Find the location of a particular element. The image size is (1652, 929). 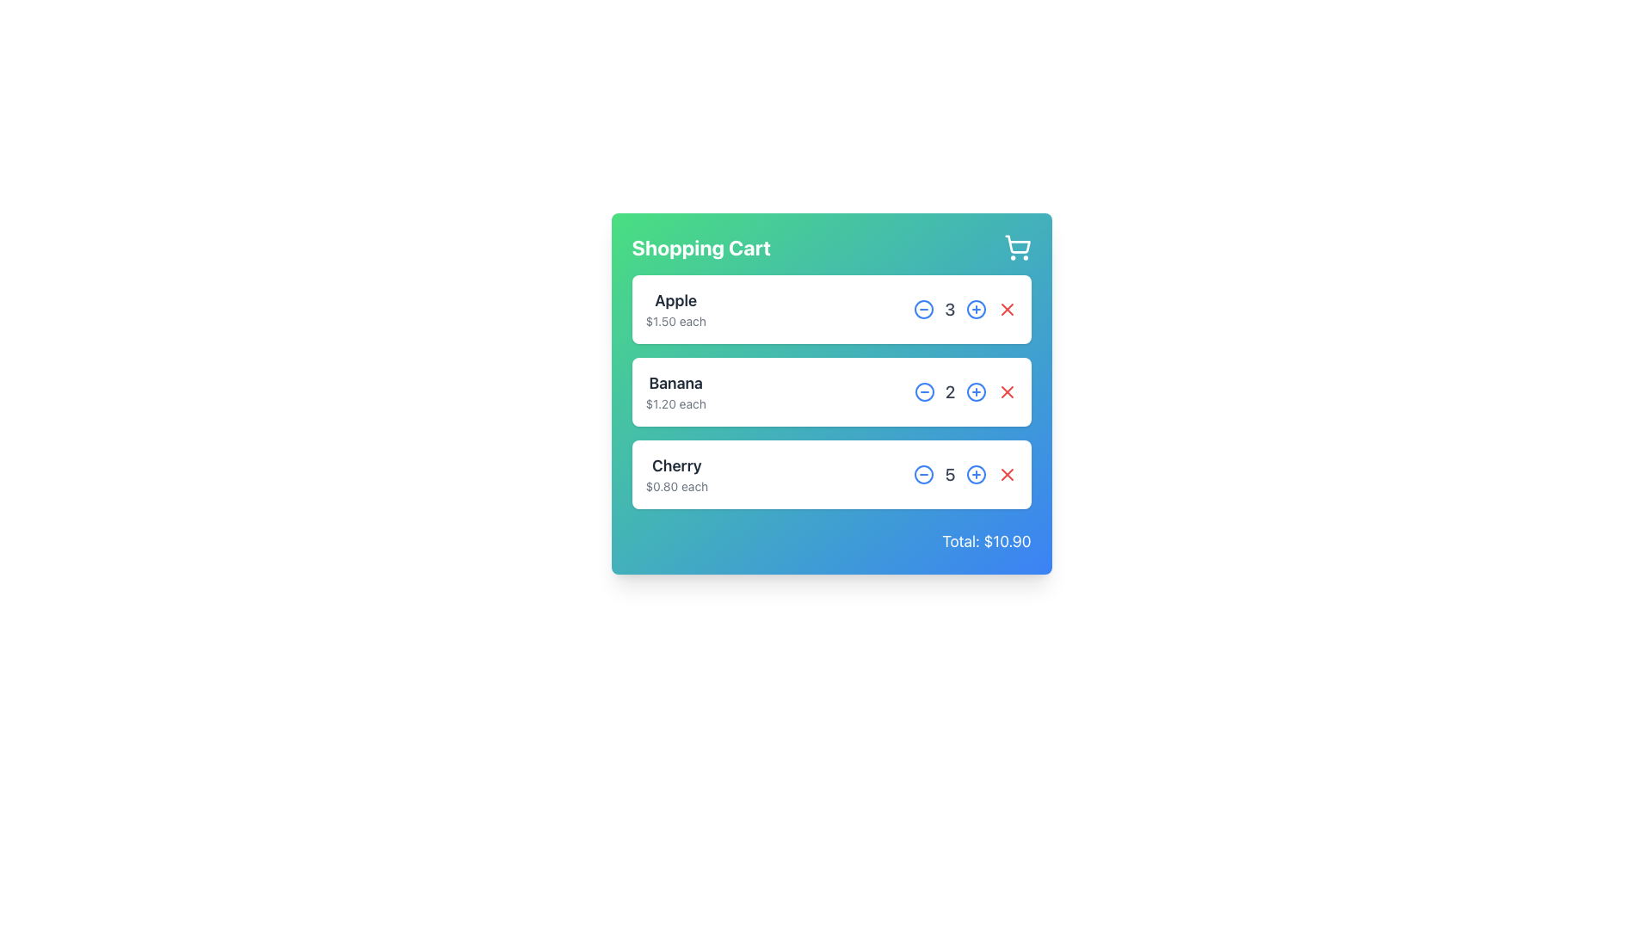

the static text element displaying the quantity of 'Apple' in the shopping cart, which is positioned between the minus '-' button and the plus '+' button is located at coordinates (949, 308).